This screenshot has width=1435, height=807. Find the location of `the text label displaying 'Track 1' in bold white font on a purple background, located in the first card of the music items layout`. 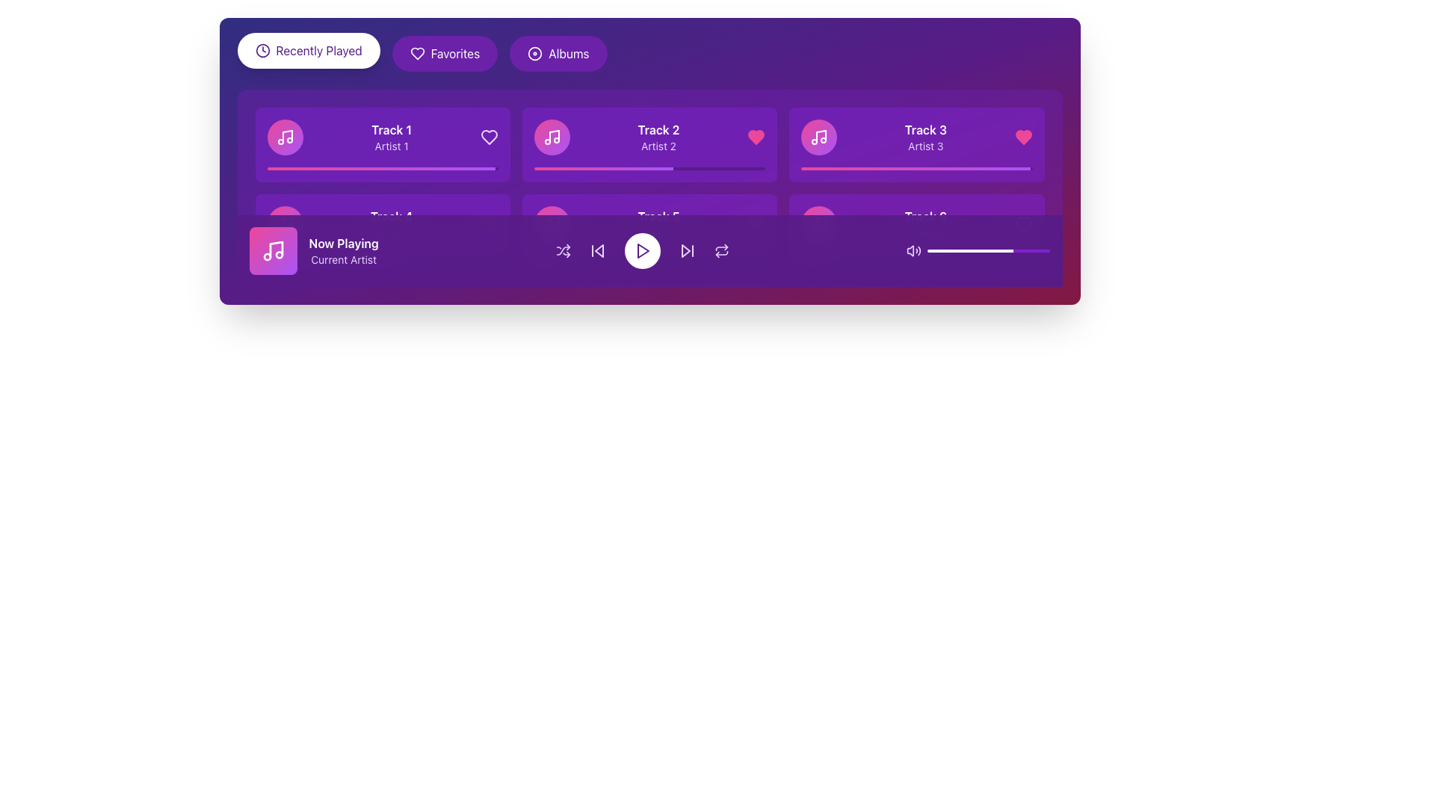

the text label displaying 'Track 1' in bold white font on a purple background, located in the first card of the music items layout is located at coordinates (392, 129).